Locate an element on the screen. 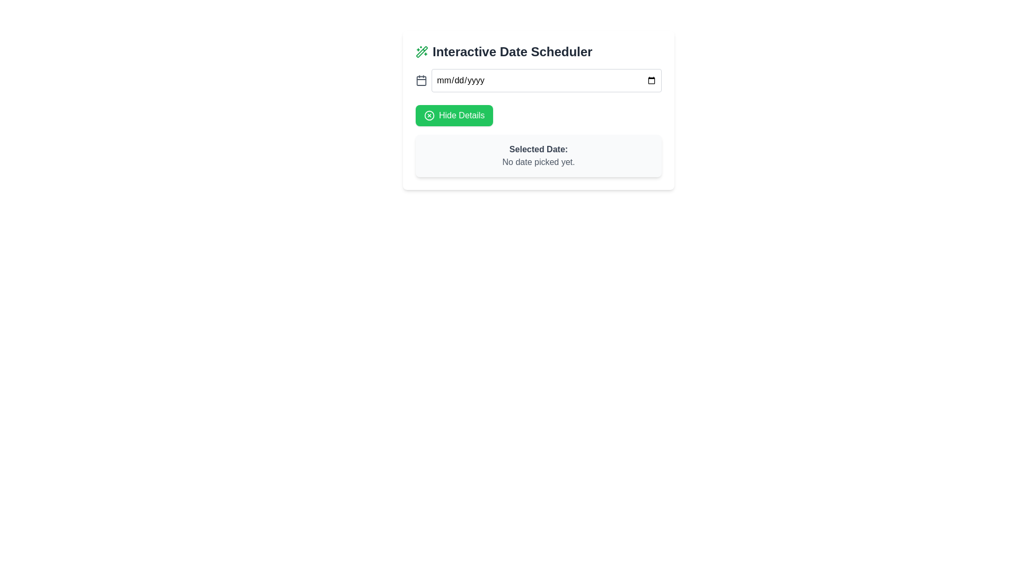 This screenshot has height=573, width=1018. the Text Label displaying 'No date picked yet.' which indicates the current state of date selection under the 'Selected Date:' label is located at coordinates (539, 162).